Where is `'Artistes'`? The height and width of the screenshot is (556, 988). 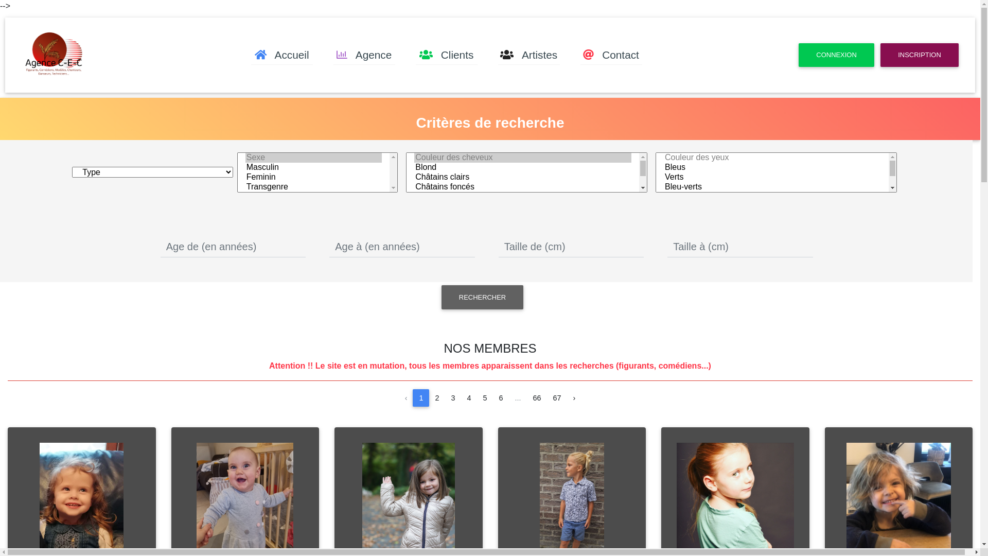 'Artistes' is located at coordinates (528, 55).